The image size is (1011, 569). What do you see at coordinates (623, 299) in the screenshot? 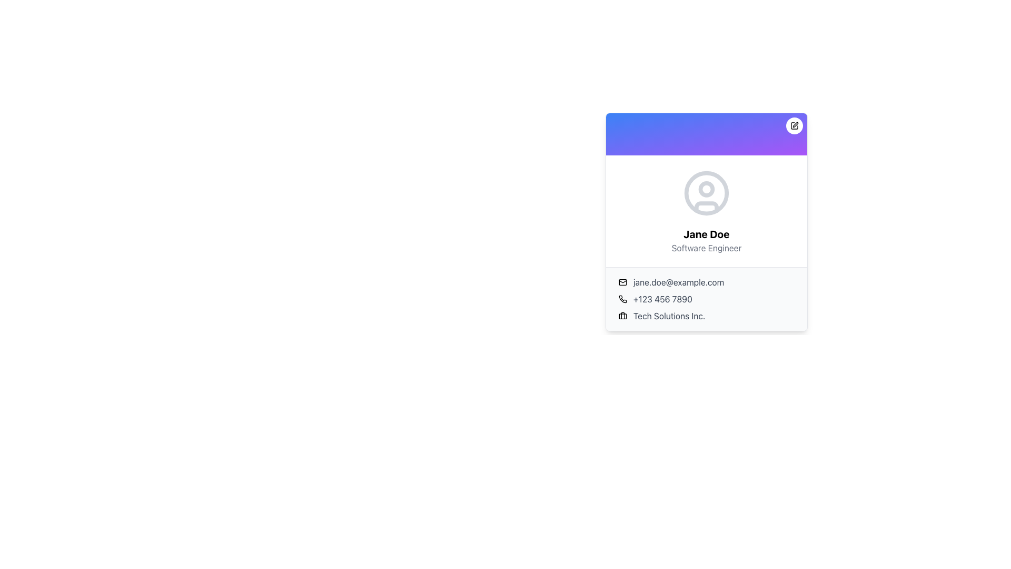
I see `the telephone icon that precedes the phone number '+123 456 7890' in the profile card as a visual indicator` at bounding box center [623, 299].